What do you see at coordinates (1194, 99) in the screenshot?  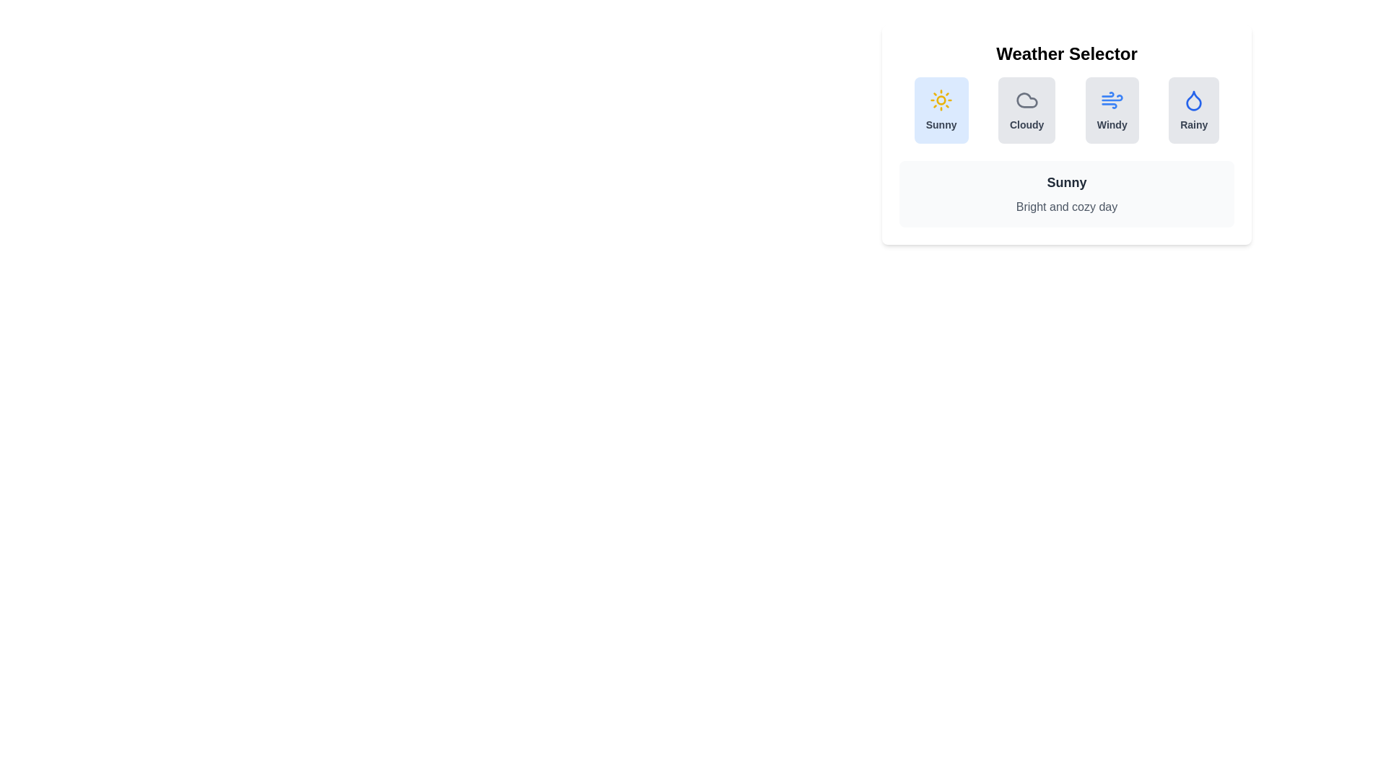 I see `the state of the droplet-shaped icon representing rain within the weather selection widget, specifically located in the fourth group labeled 'Rainy' in the horizontal row` at bounding box center [1194, 99].